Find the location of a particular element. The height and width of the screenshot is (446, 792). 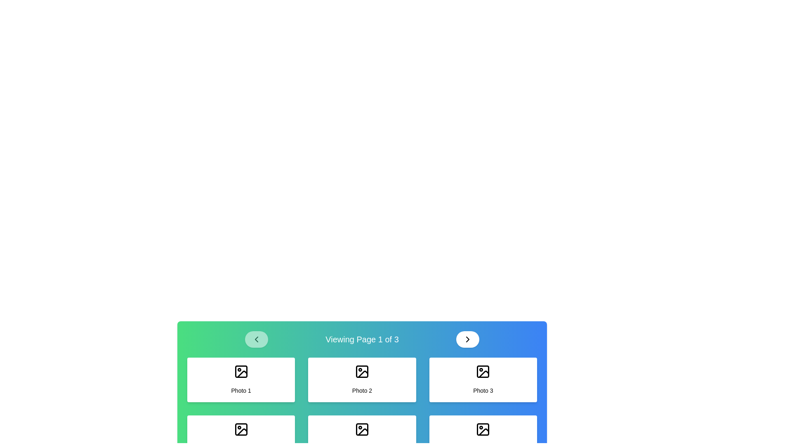

the third Image Placeholder Card in the grid layout, located at the top-right section, which represents a photo and descriptive text is located at coordinates (483, 380).